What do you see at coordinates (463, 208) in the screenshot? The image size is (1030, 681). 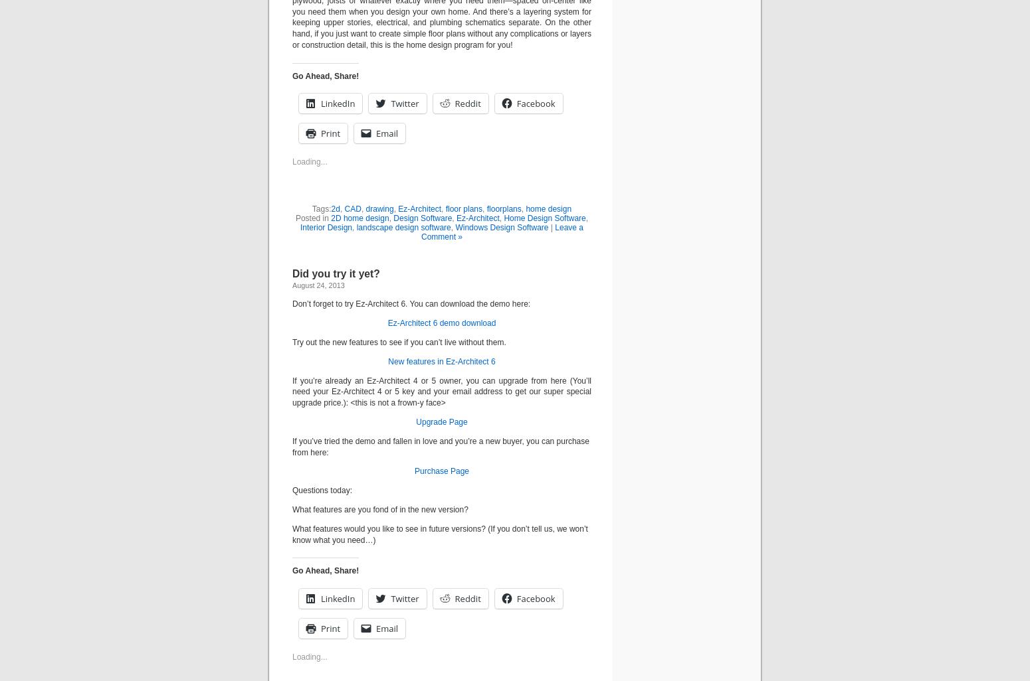 I see `'floor plans'` at bounding box center [463, 208].